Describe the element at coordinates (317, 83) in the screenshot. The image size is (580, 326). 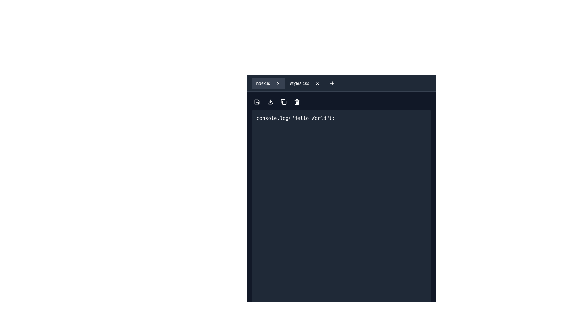
I see `the close button (icon control) located at the far right side of the tab labeled 'styles.css'` at that location.